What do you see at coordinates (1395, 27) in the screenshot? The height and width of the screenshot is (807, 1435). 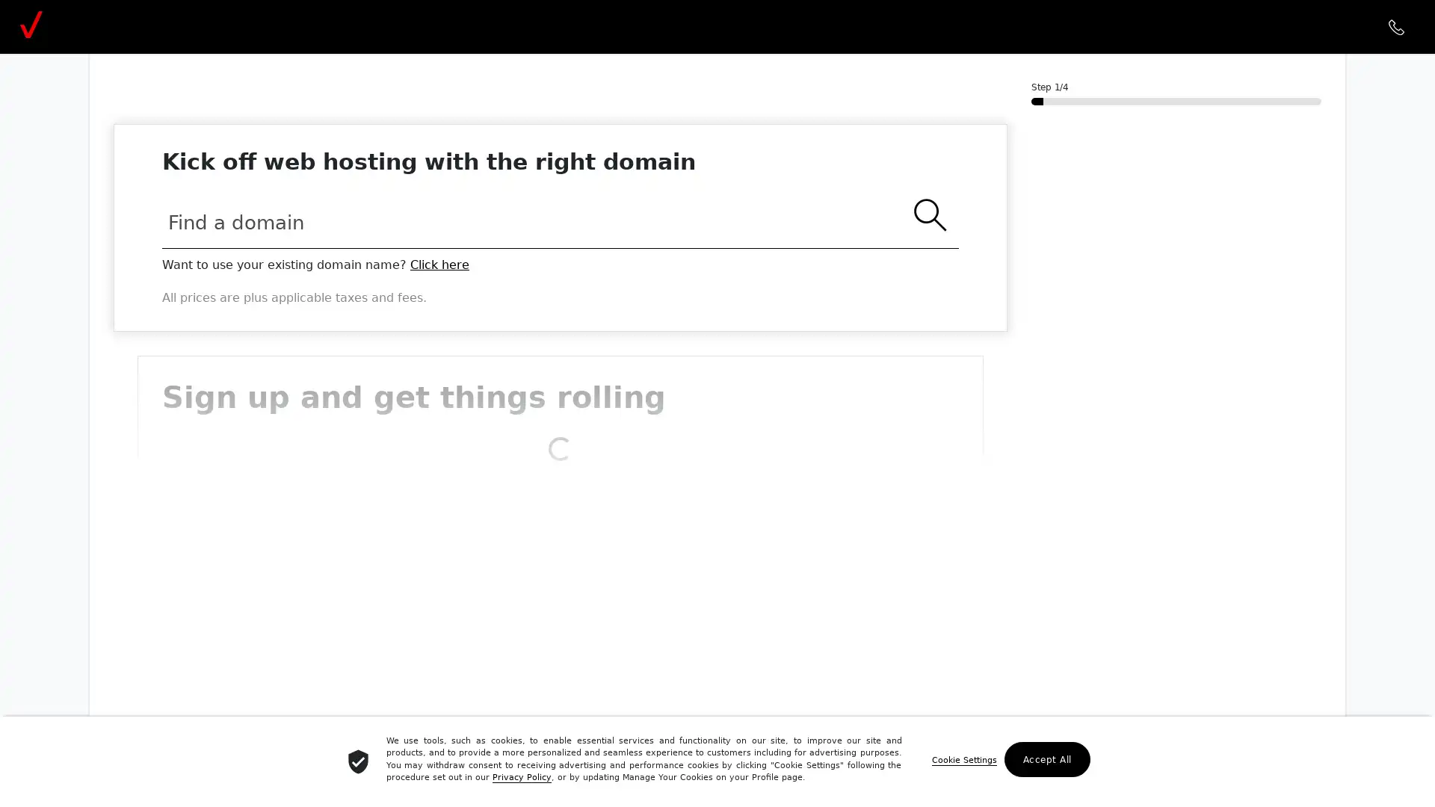 I see `call` at bounding box center [1395, 27].